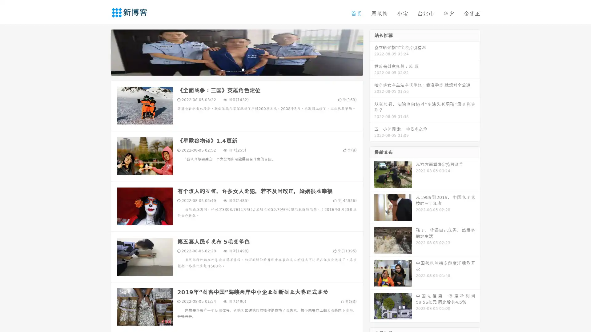 The width and height of the screenshot is (591, 332). I want to click on Next slide, so click(372, 52).